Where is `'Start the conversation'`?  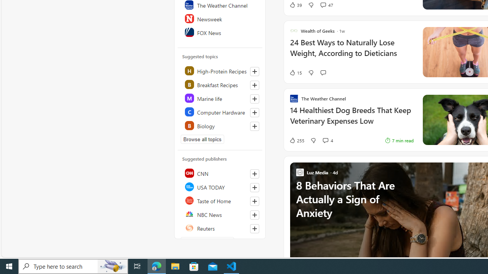 'Start the conversation' is located at coordinates (323, 72).